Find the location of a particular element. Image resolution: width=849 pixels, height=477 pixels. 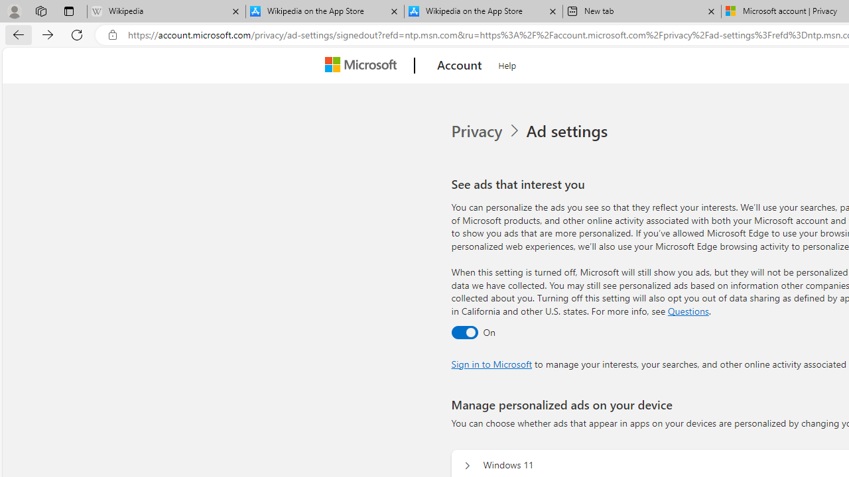

'Privacy' is located at coordinates (486, 131).